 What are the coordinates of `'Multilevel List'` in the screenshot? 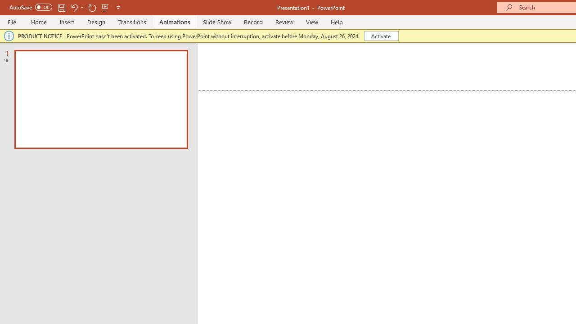 It's located at (382, 61).